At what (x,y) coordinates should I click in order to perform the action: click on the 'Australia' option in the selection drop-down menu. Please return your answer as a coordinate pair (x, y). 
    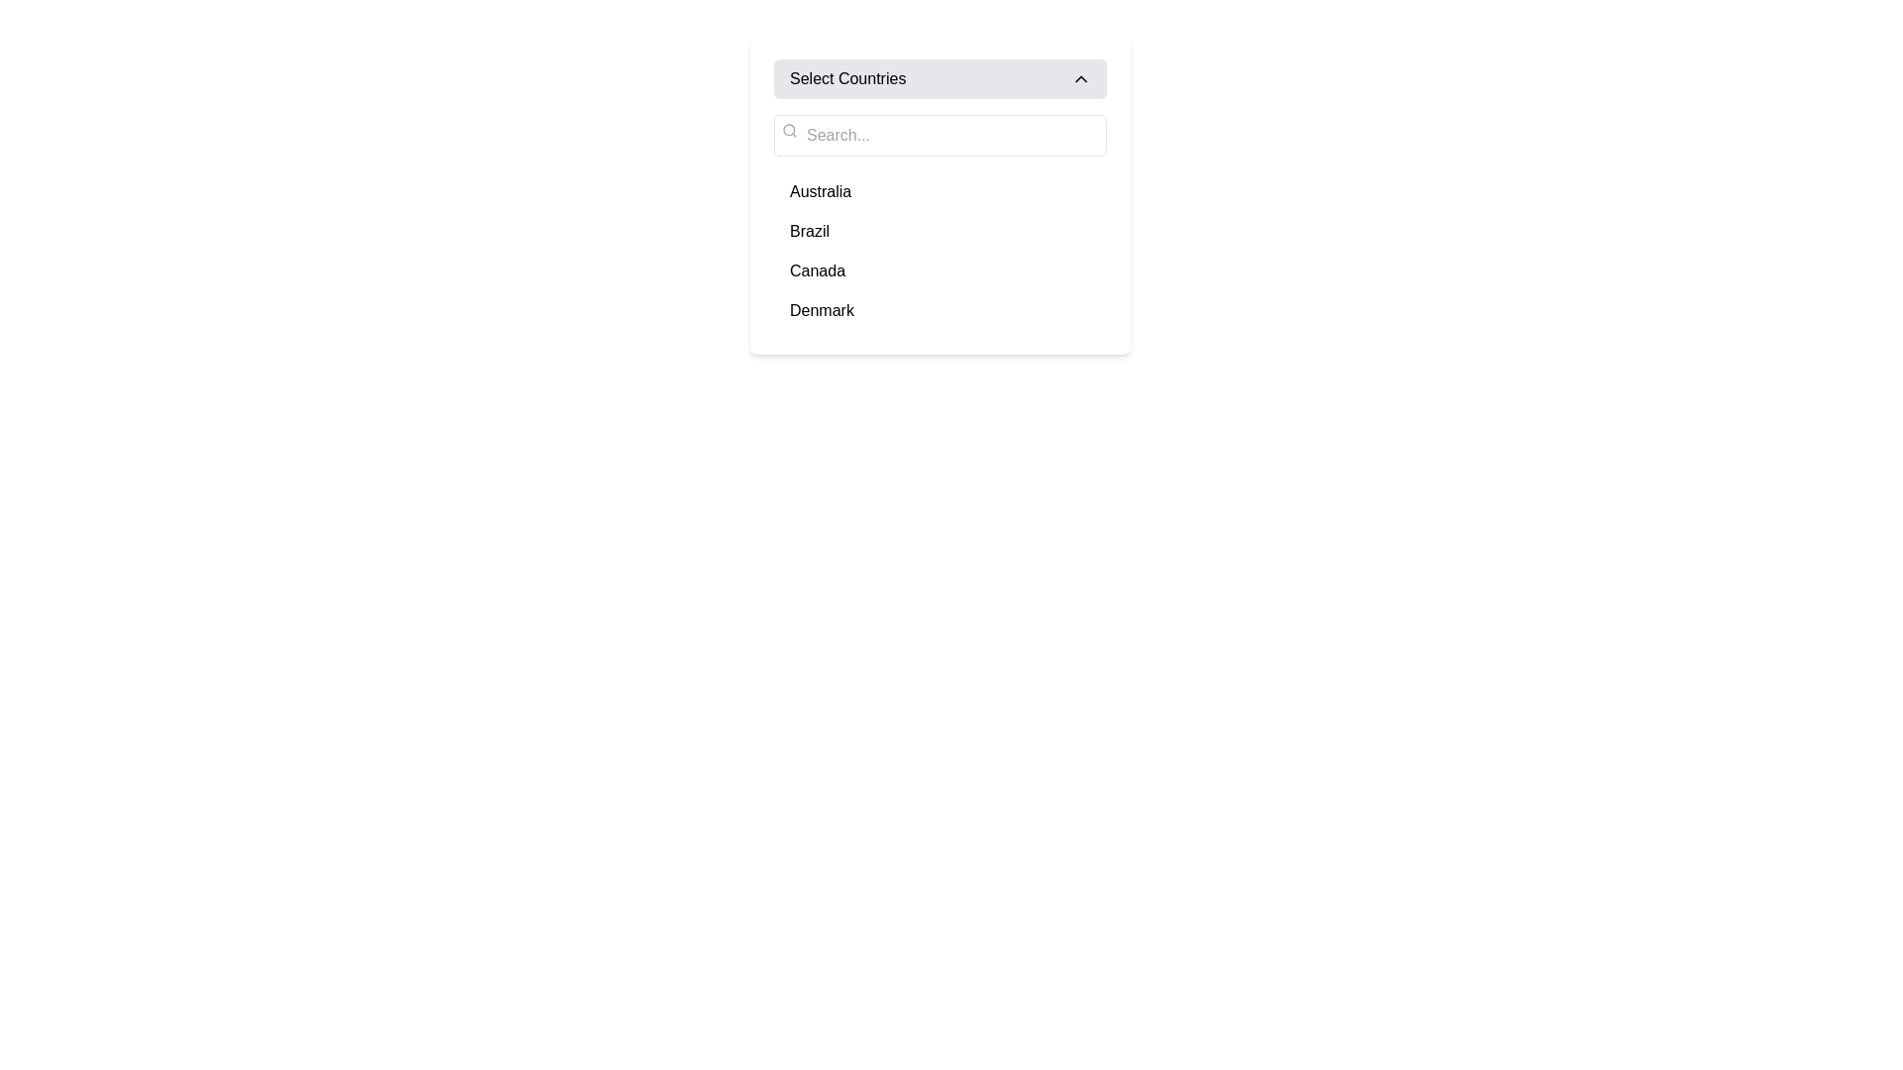
    Looking at the image, I should click on (940, 194).